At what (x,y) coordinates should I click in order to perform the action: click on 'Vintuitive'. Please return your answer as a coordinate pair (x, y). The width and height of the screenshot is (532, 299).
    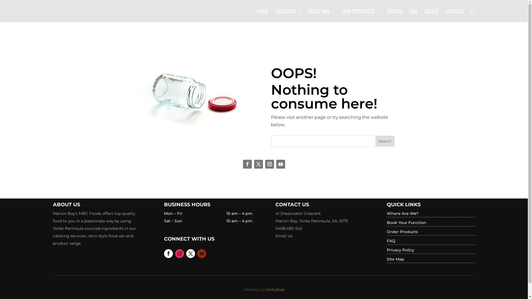
    Looking at the image, I should click on (265, 289).